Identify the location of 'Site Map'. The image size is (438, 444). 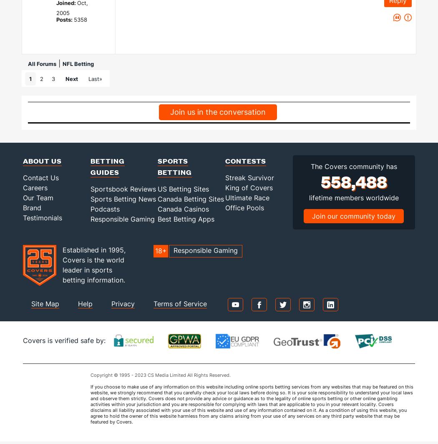
(45, 303).